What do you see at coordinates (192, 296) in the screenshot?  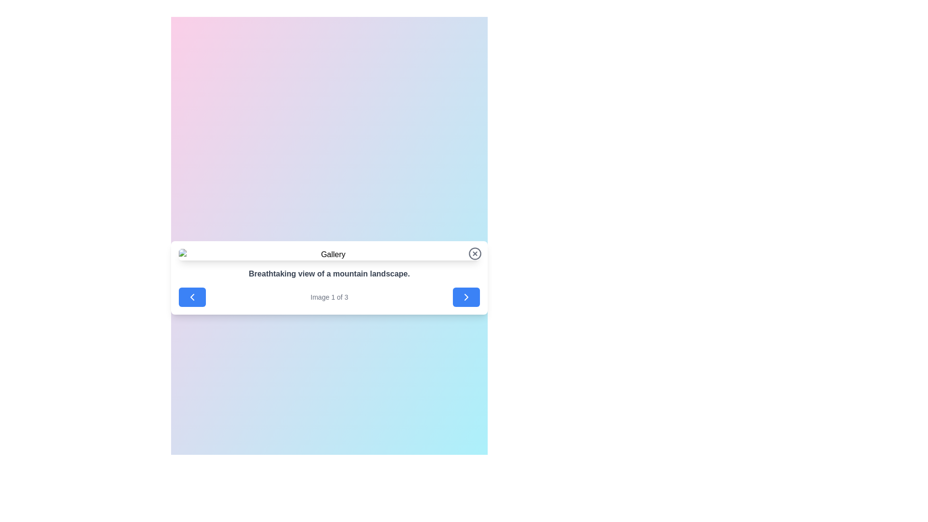 I see `the Chevron Left icon` at bounding box center [192, 296].